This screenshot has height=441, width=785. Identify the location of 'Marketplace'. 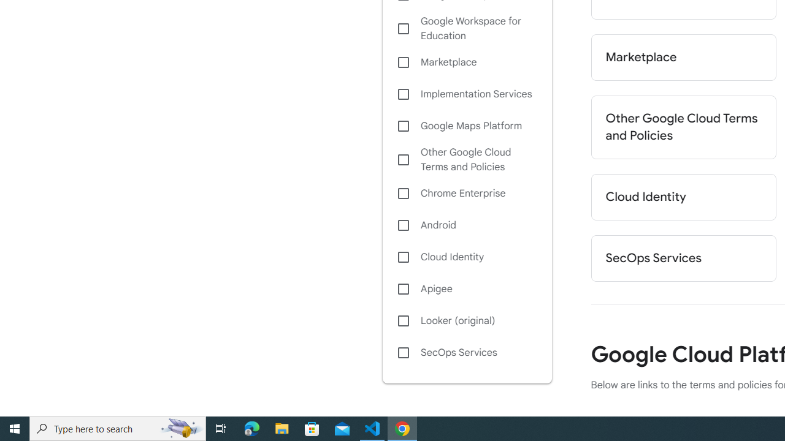
(683, 57).